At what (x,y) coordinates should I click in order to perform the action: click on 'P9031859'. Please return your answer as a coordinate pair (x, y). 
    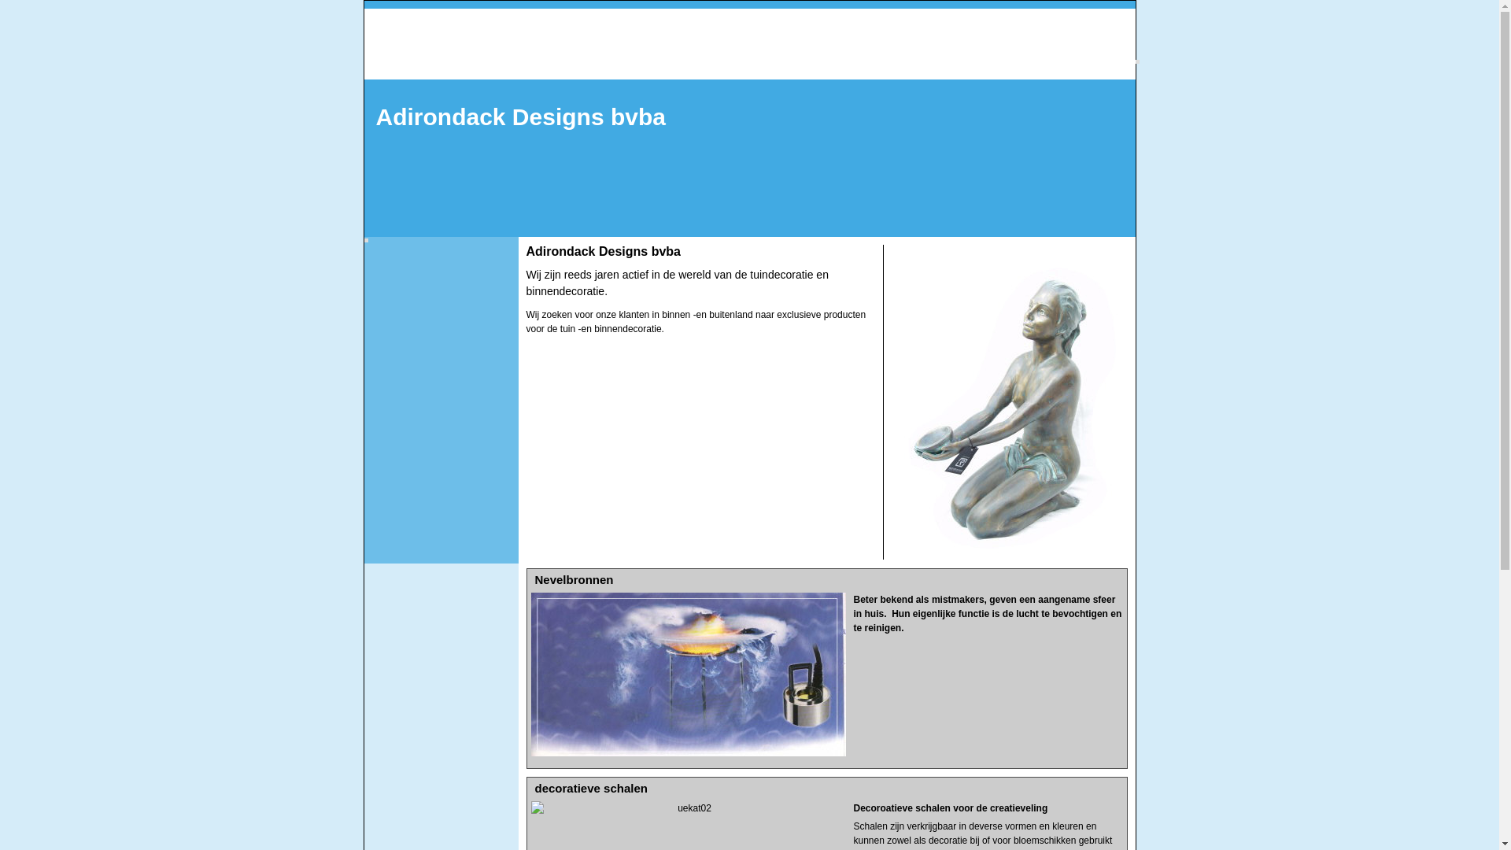
    Looking at the image, I should click on (1008, 401).